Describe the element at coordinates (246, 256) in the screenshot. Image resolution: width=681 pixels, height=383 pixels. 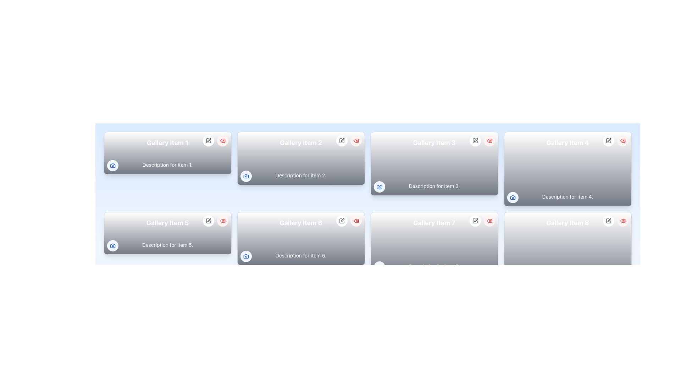
I see `the circular blue camera icon located at the bottom-left corner of the 'Gallery Item 6' card` at that location.